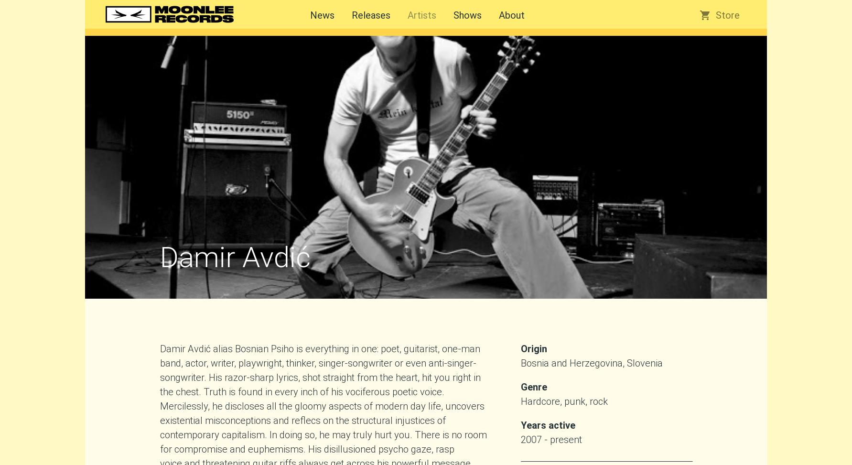 The width and height of the screenshot is (852, 465). Describe the element at coordinates (235, 257) in the screenshot. I see `'Damir Avdić'` at that location.